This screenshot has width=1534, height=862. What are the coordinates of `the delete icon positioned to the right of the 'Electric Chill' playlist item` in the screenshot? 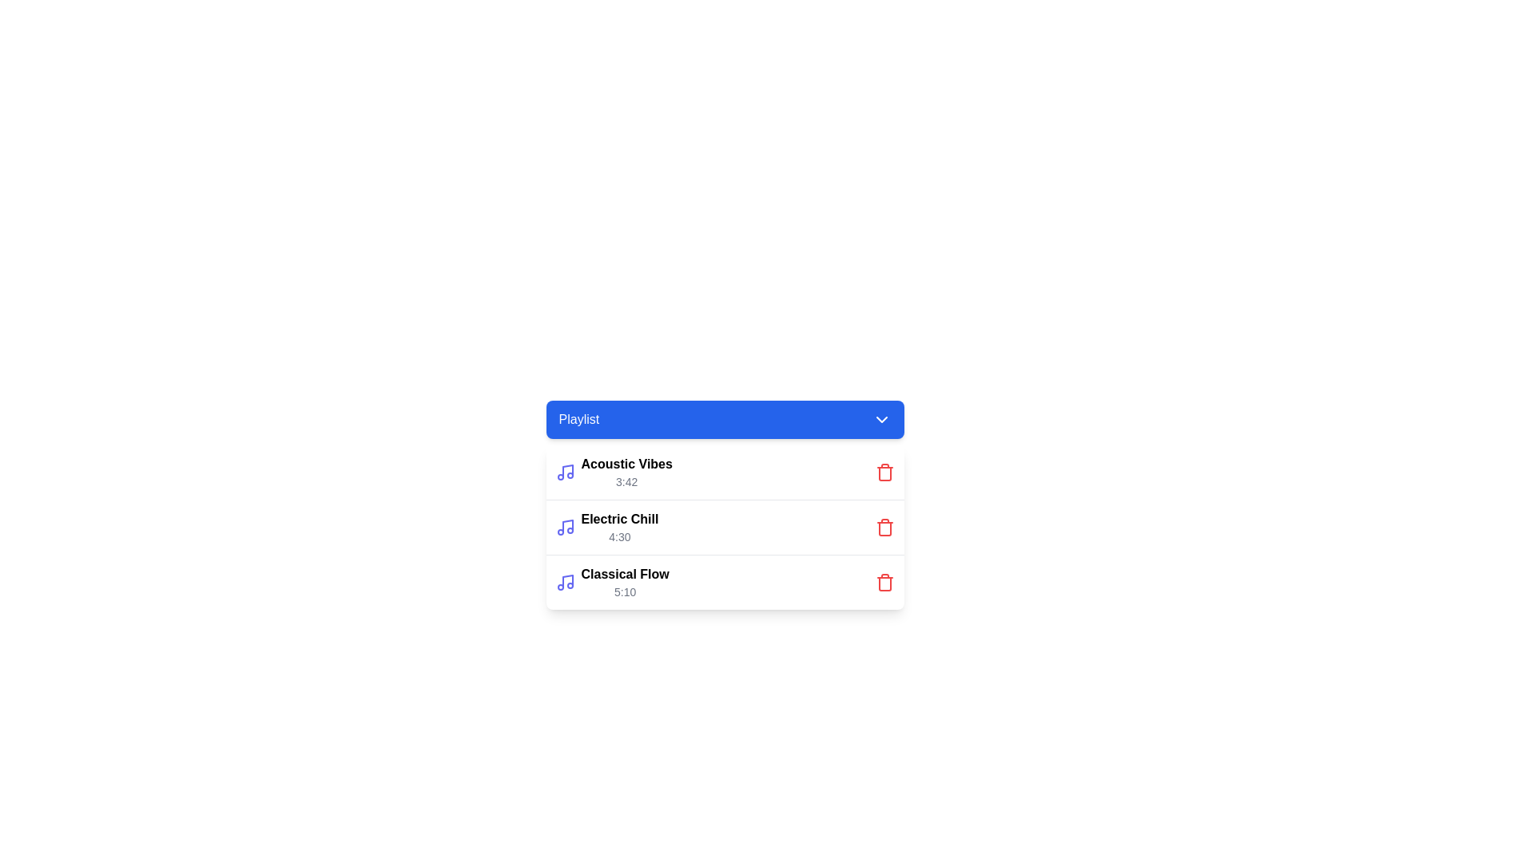 It's located at (884, 529).